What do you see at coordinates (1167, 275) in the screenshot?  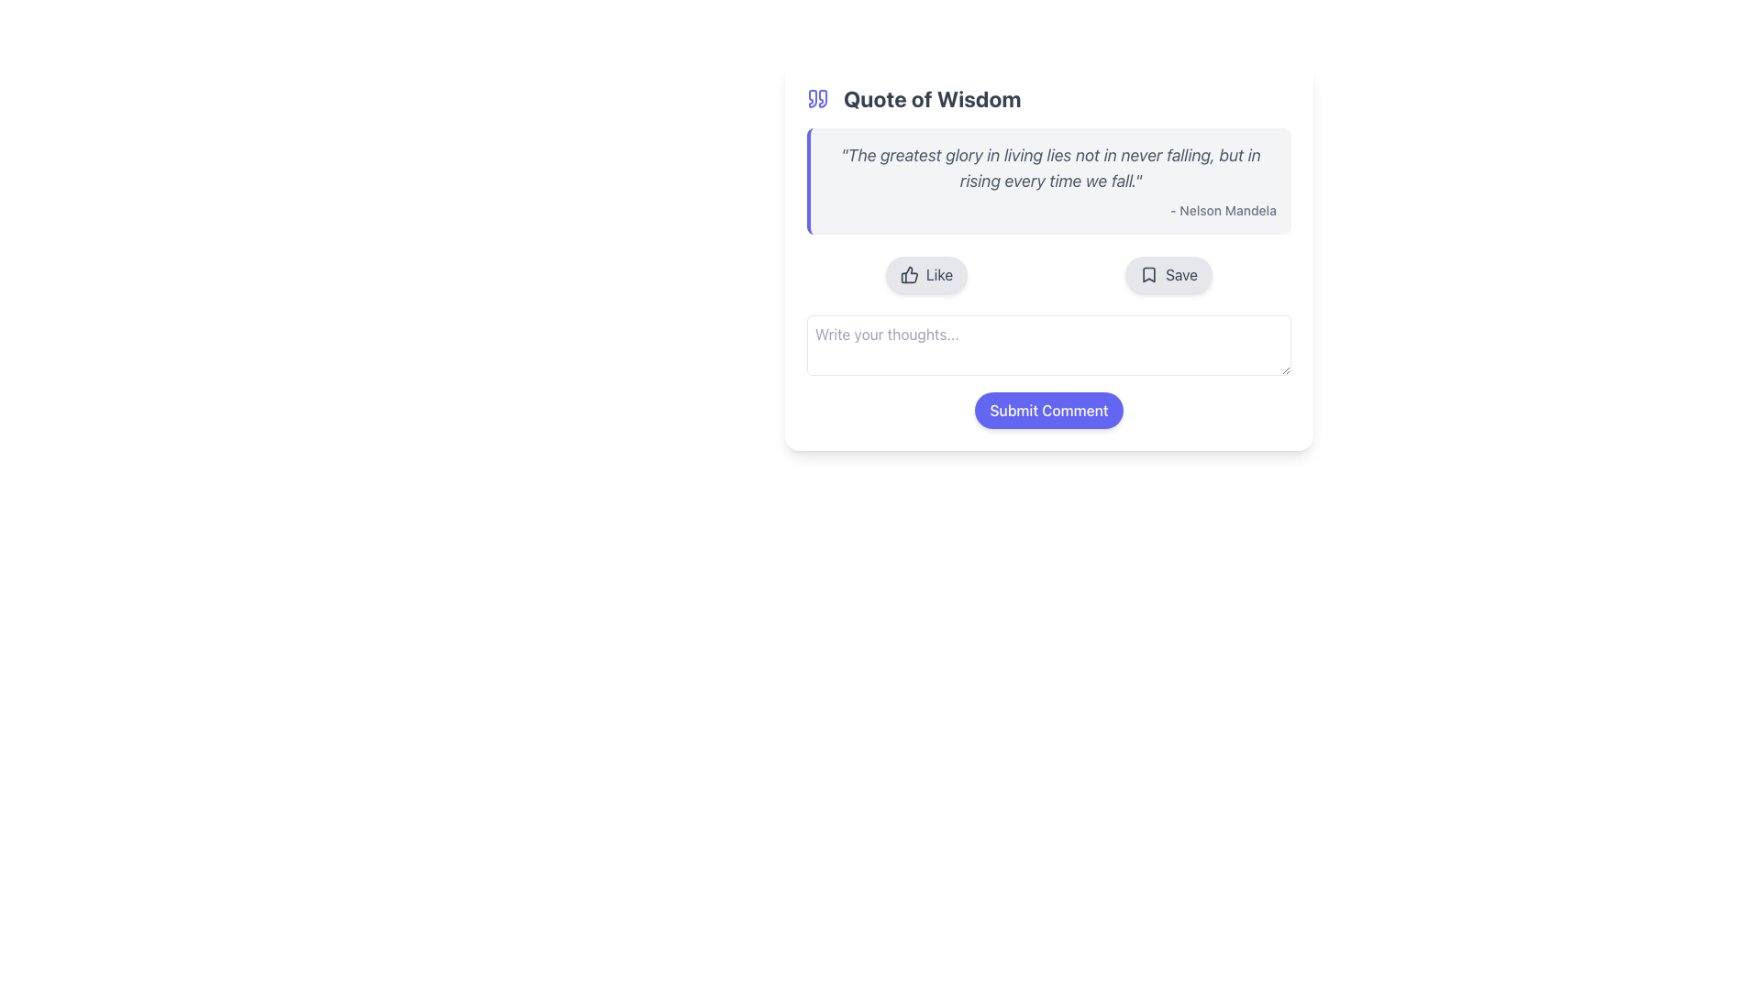 I see `the 'Save' button with a bookmark icon located in the lower part of the panel` at bounding box center [1167, 275].